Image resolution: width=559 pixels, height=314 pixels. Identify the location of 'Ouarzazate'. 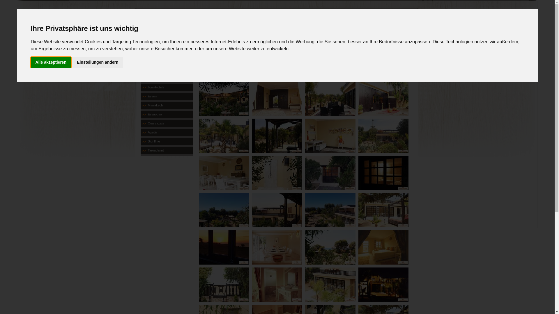
(166, 123).